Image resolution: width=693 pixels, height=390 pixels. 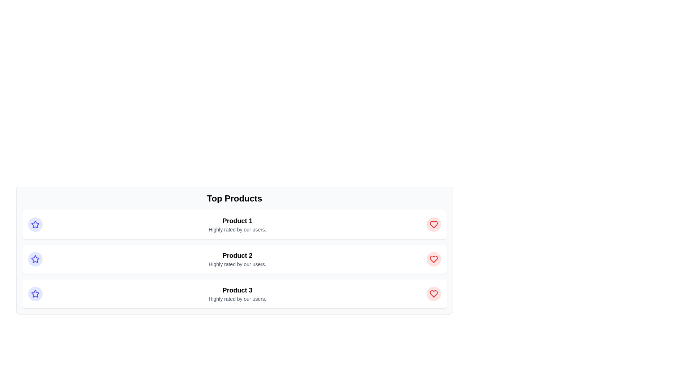 What do you see at coordinates (35, 259) in the screenshot?
I see `the rating icon located to the left side of the 'Product 2' text in the second row of the list by moving the cursor to its center point` at bounding box center [35, 259].